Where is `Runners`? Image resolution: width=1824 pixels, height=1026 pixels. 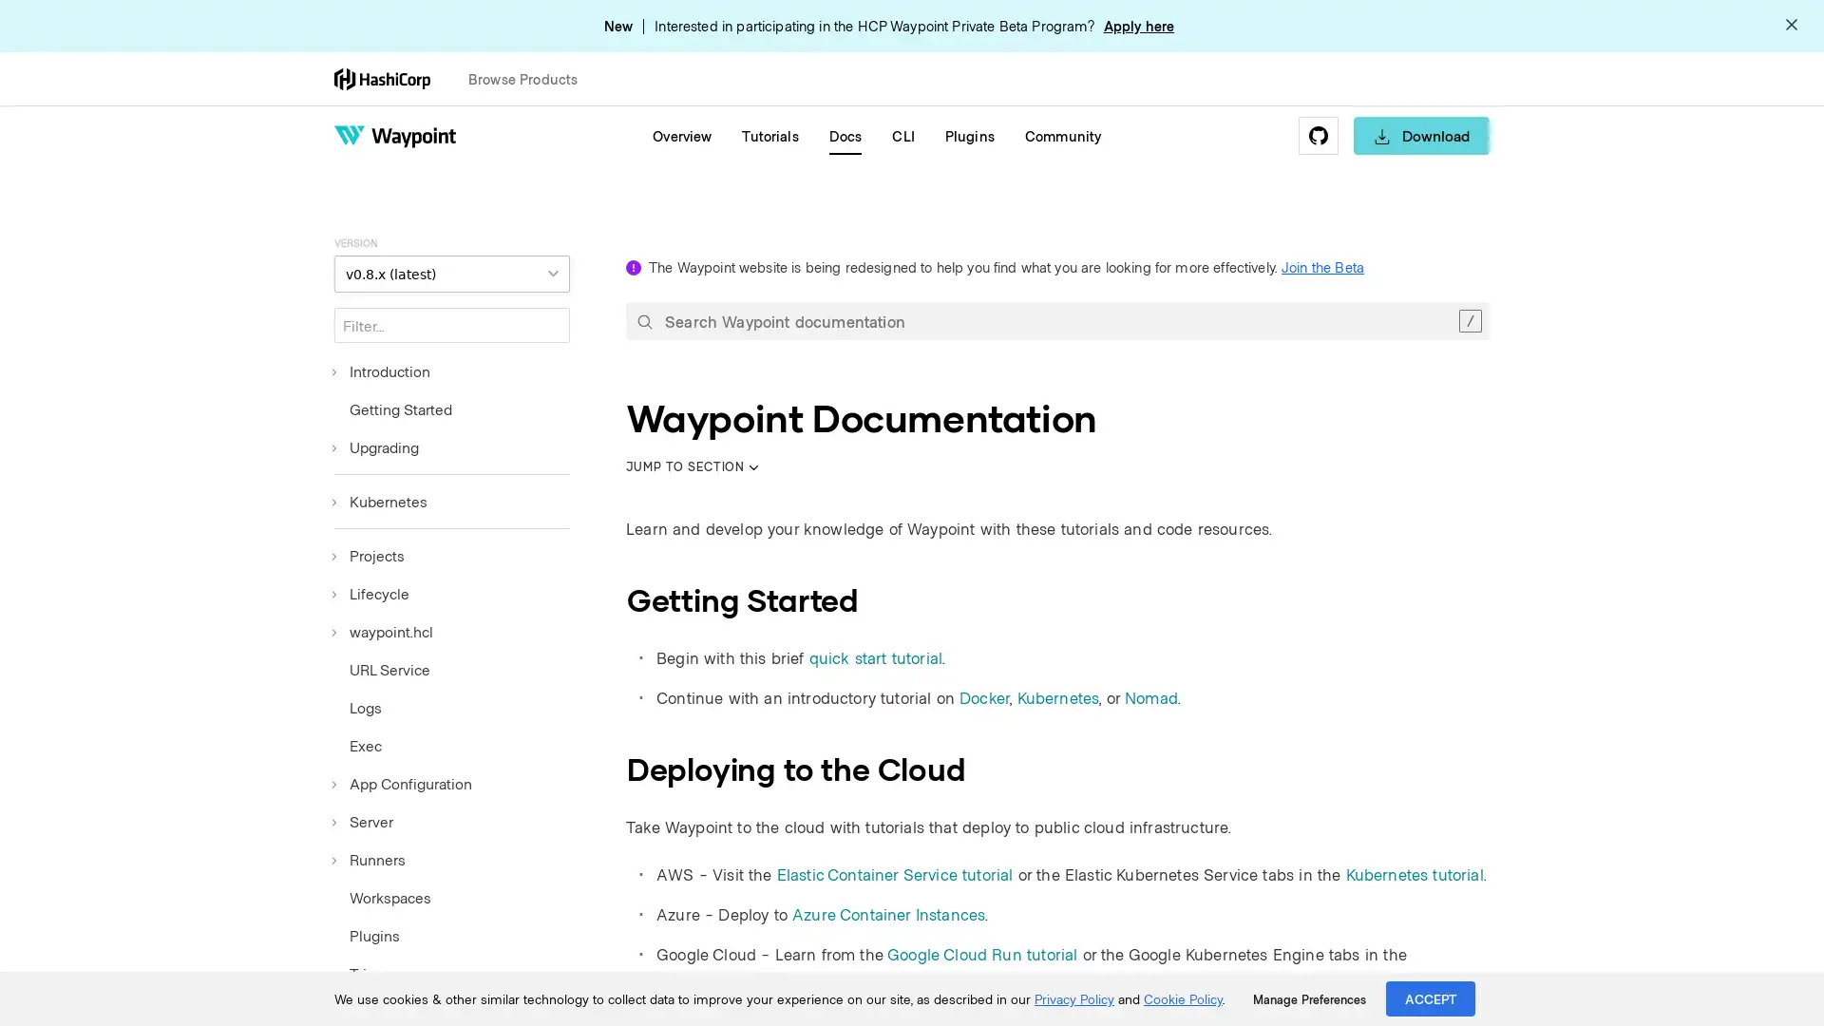
Runners is located at coordinates (370, 860).